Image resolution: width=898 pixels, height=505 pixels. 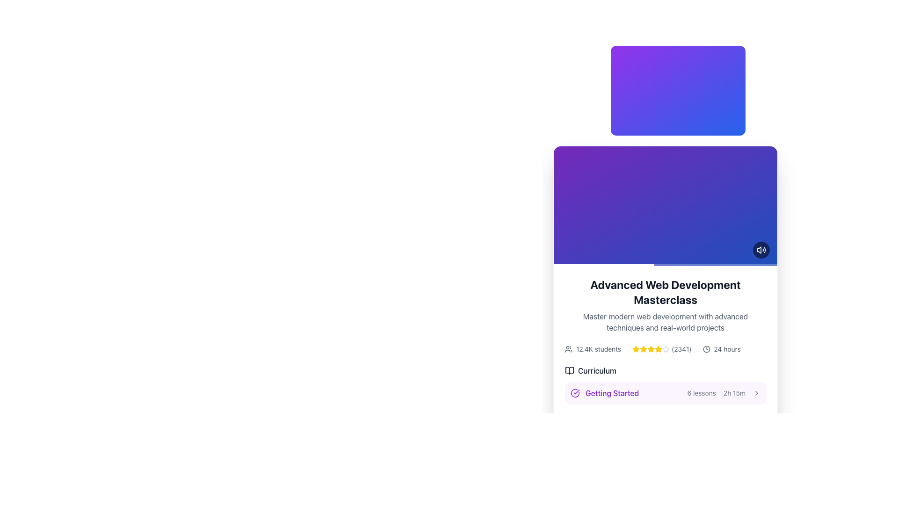 I want to click on the icon representing the number of students enrolled in the course, which is positioned to the left of the text '12.4K students' in the lower section of the card, so click(x=568, y=349).